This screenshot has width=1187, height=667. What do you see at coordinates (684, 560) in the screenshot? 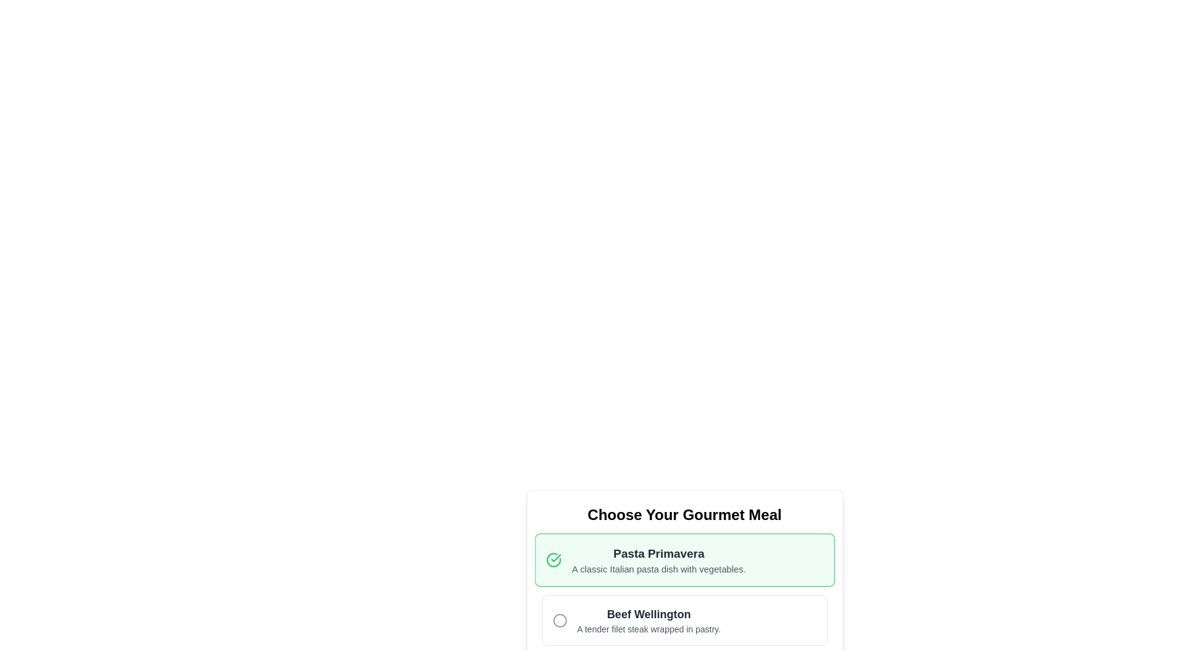
I see `description of the currently selected meal option titled 'Pasta Primavera' from the selectable list item located beneath 'Choose Your Gourmet Meal.'` at bounding box center [684, 560].